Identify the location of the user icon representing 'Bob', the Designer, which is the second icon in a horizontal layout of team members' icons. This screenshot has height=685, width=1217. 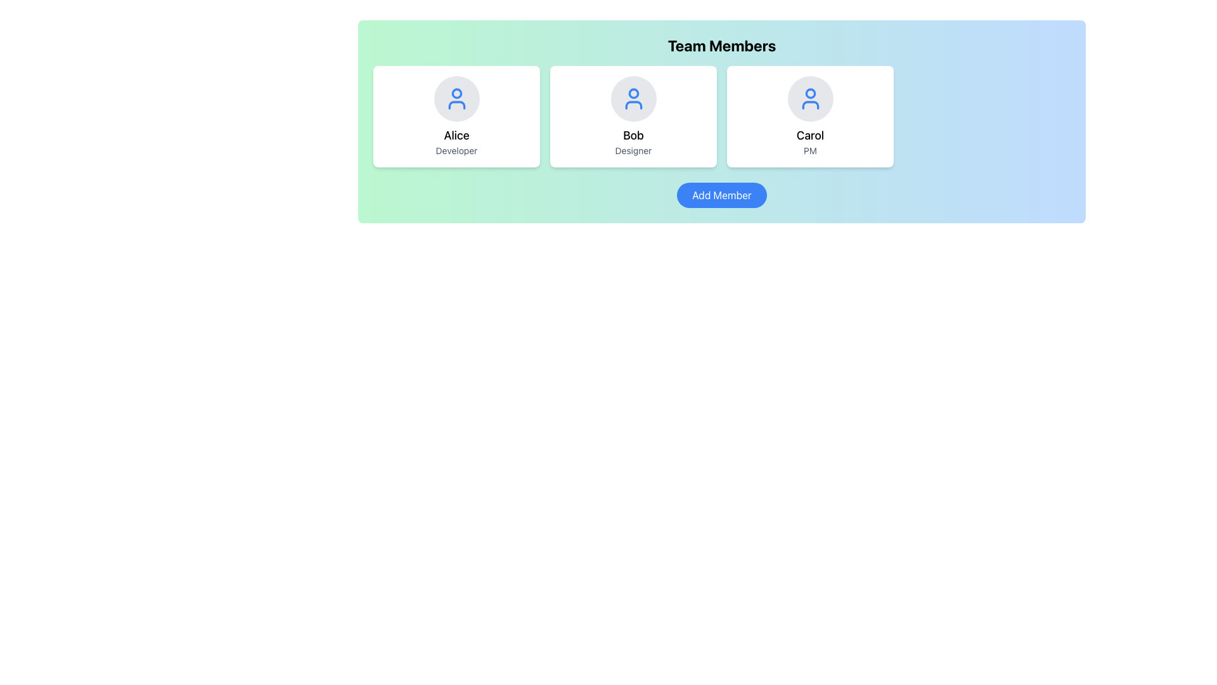
(633, 98).